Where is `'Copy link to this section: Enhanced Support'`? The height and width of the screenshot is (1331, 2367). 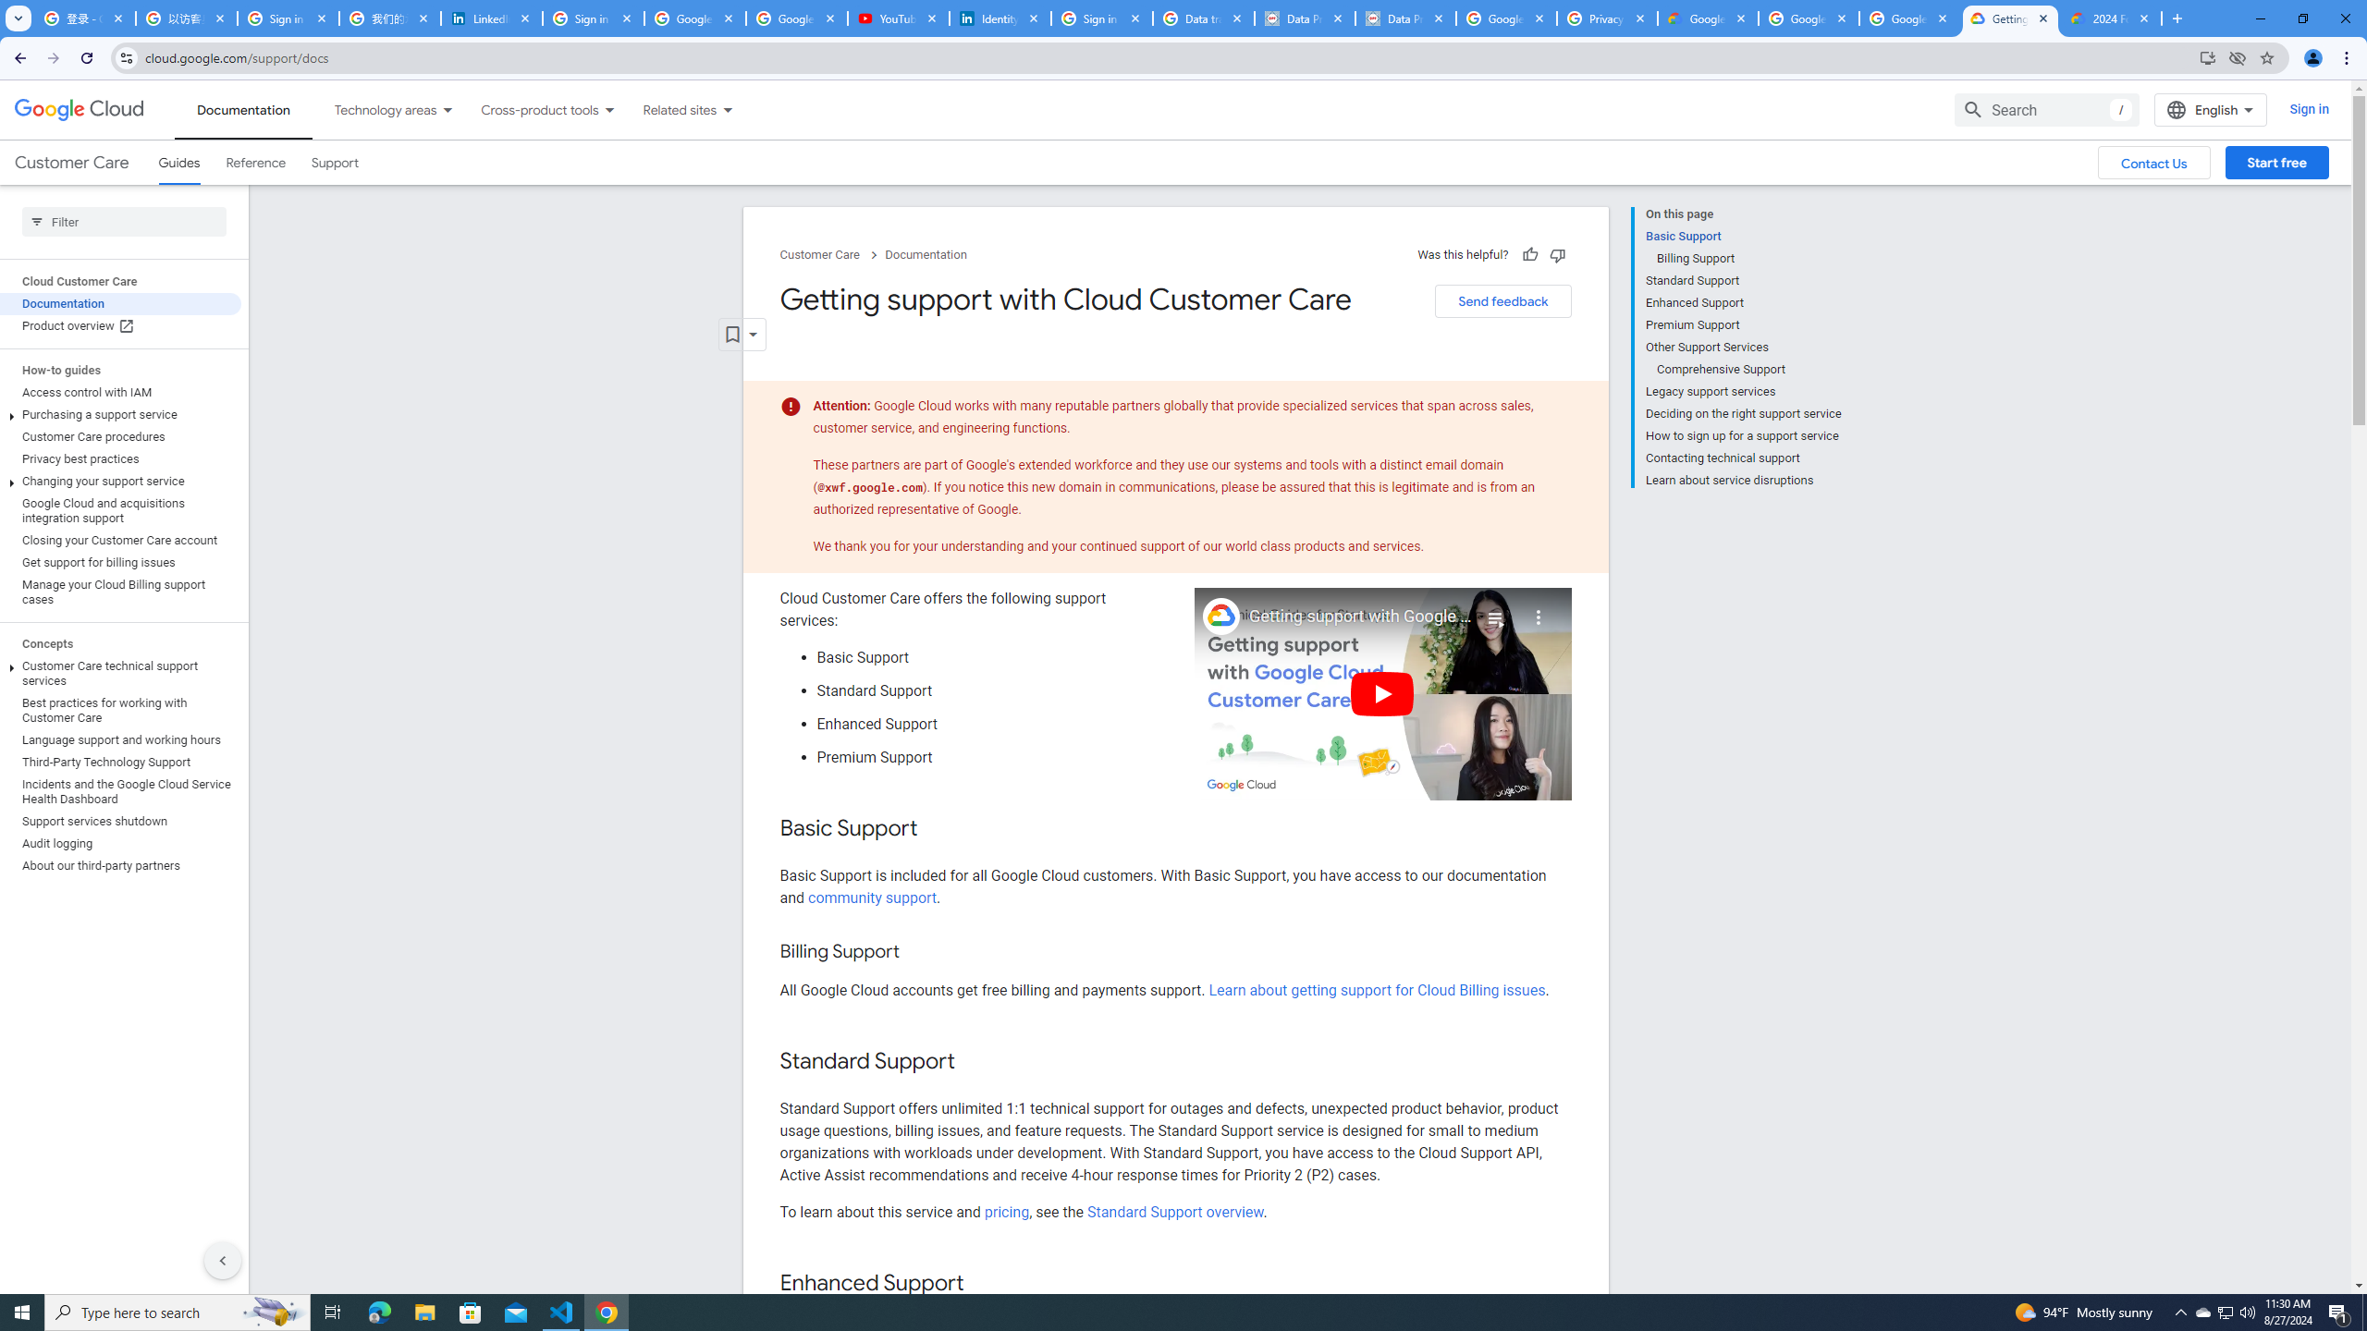 'Copy link to this section: Enhanced Support' is located at coordinates (981, 1284).